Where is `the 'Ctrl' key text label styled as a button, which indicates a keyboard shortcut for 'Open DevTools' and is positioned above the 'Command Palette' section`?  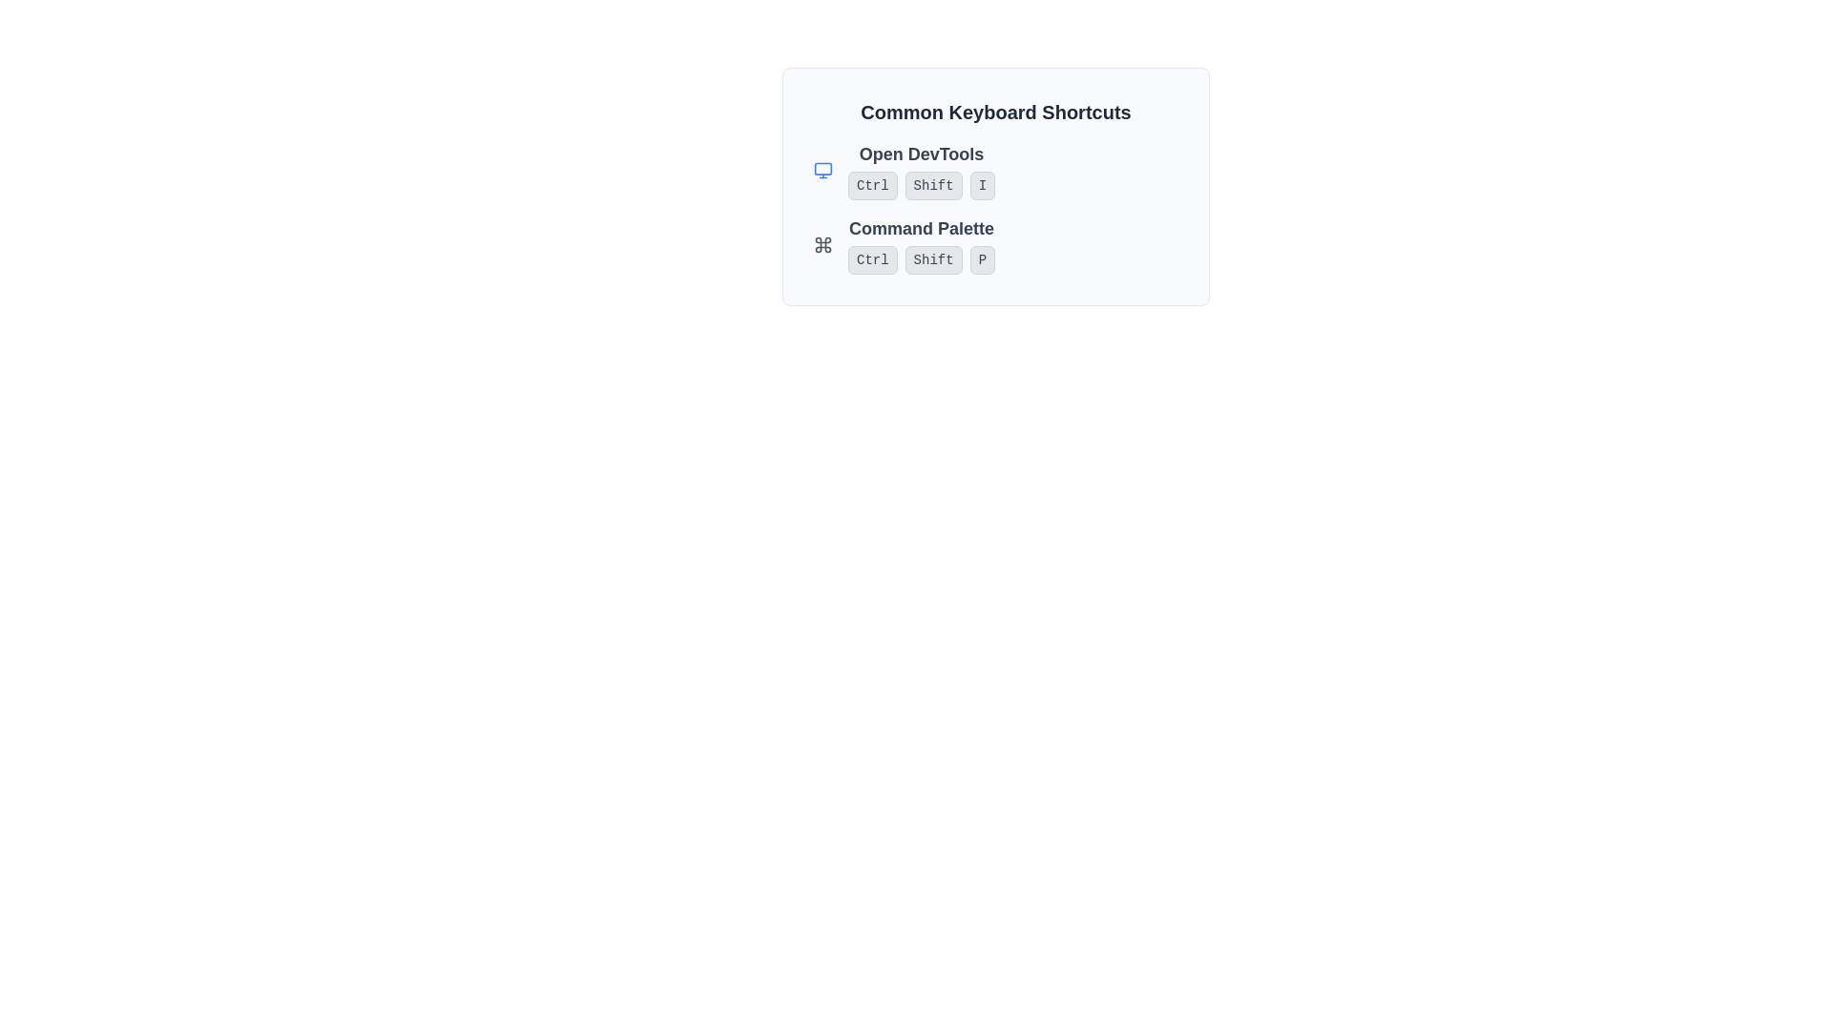 the 'Ctrl' key text label styled as a button, which indicates a keyboard shortcut for 'Open DevTools' and is positioned above the 'Command Palette' section is located at coordinates (871, 186).